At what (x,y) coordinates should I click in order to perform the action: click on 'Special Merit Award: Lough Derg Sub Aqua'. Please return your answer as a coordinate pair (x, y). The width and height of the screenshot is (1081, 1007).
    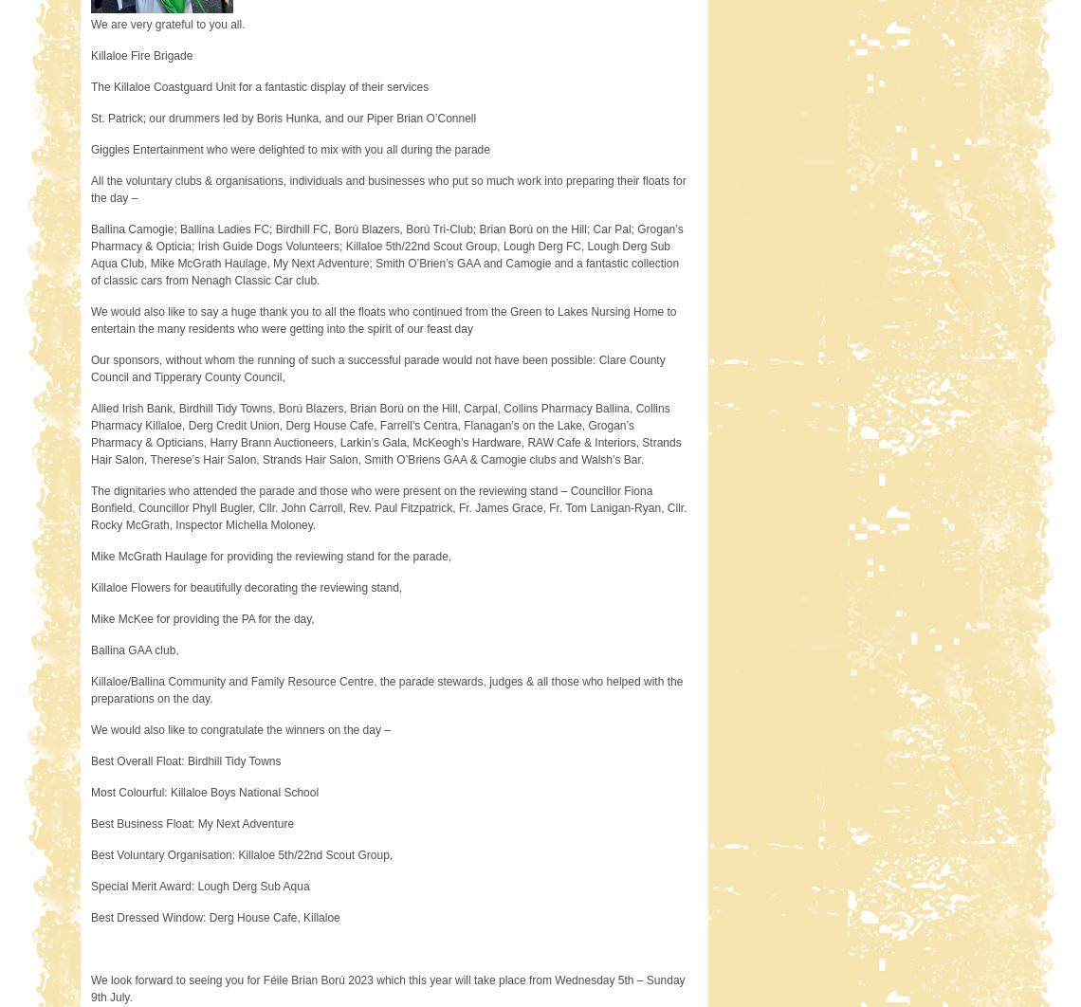
    Looking at the image, I should click on (200, 885).